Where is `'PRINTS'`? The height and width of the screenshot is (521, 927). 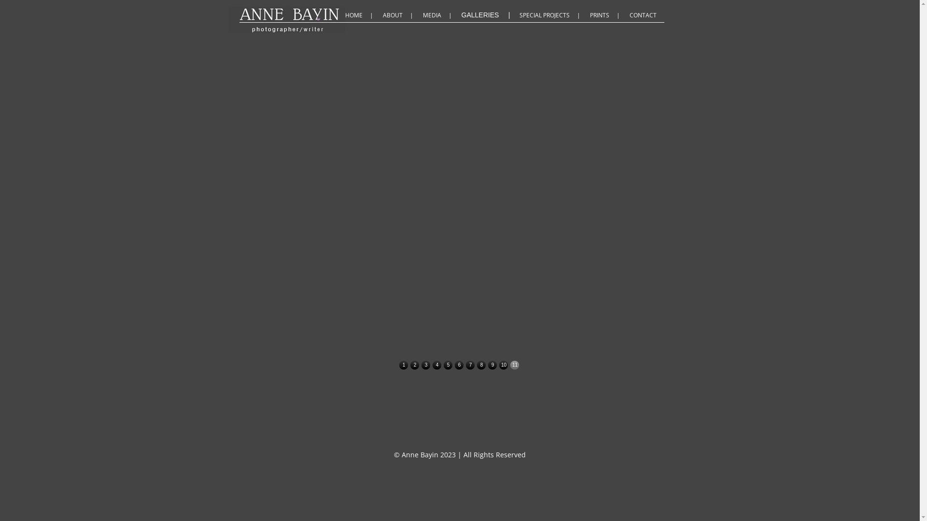 'PRINTS' is located at coordinates (606, 15).